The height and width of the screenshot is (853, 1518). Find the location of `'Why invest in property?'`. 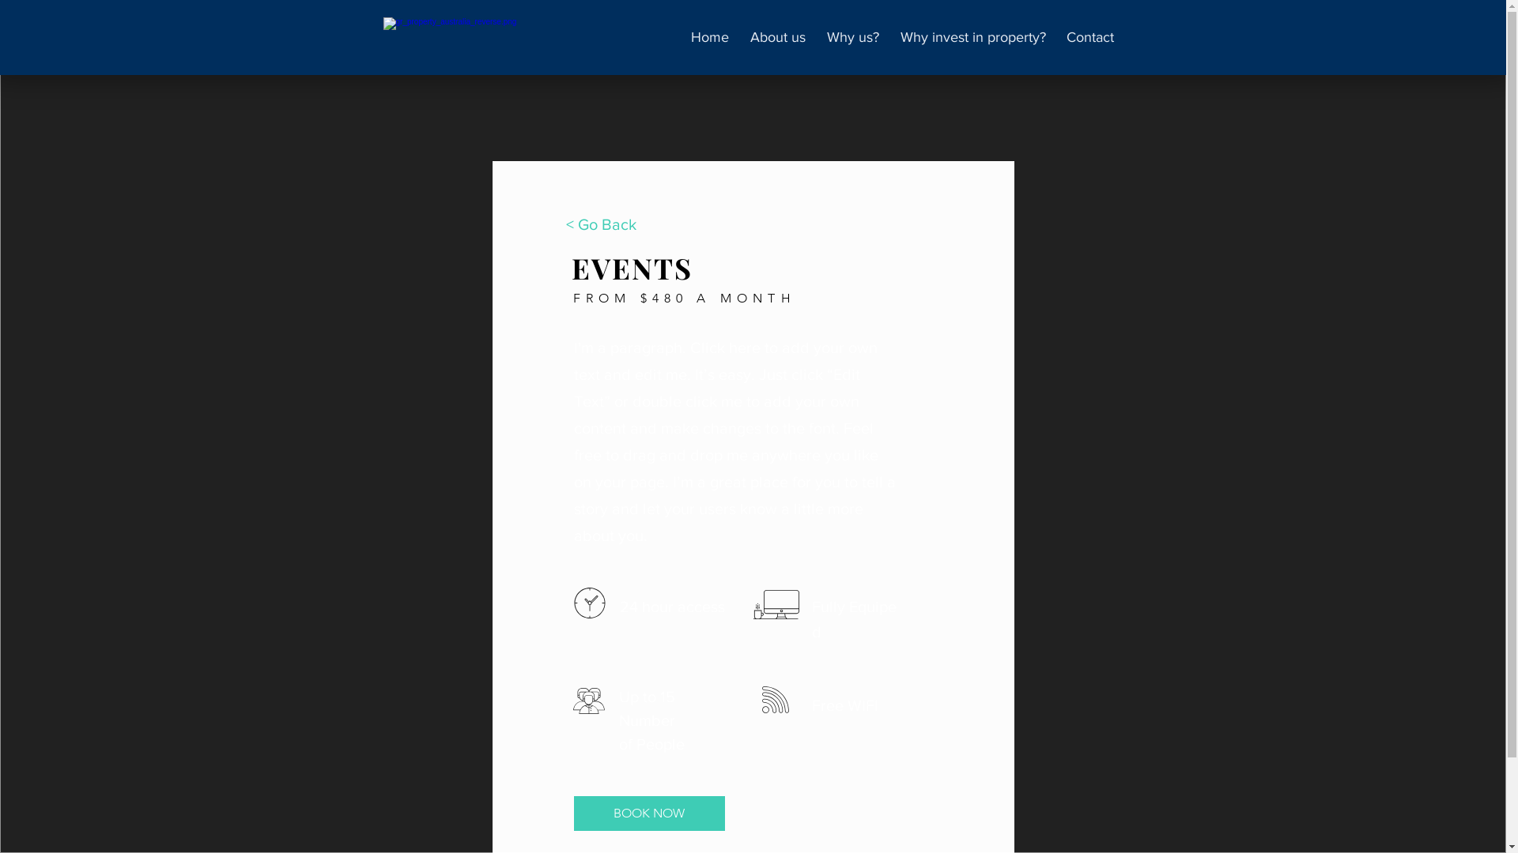

'Why invest in property?' is located at coordinates (969, 36).